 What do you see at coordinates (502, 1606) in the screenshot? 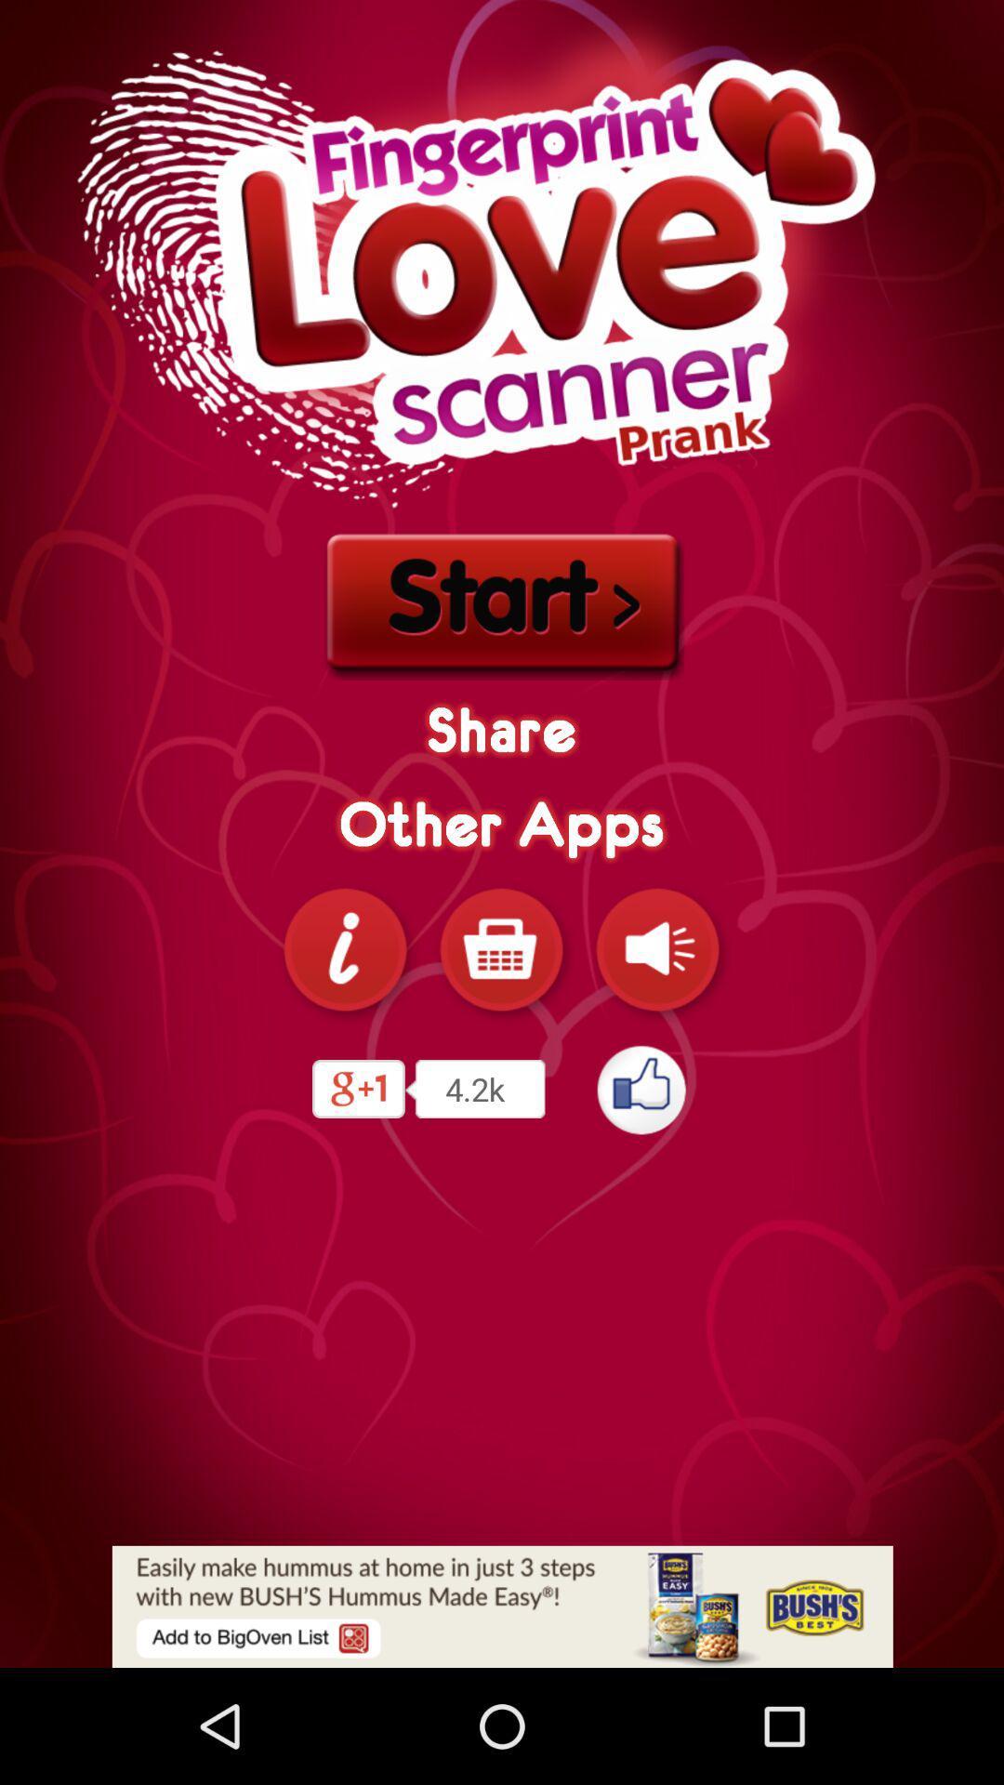
I see `advertisement display` at bounding box center [502, 1606].